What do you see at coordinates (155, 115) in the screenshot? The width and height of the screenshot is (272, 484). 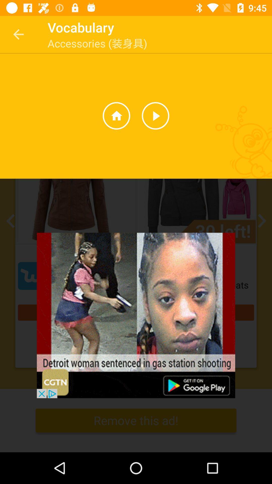 I see `the play icon` at bounding box center [155, 115].